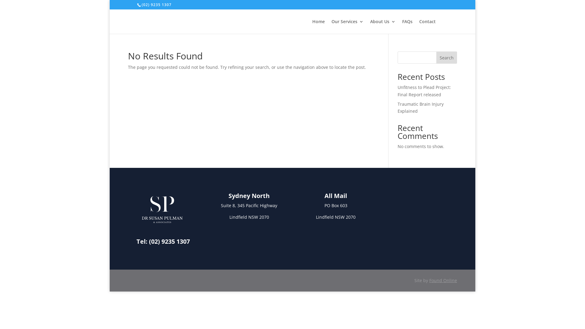 Image resolution: width=585 pixels, height=329 pixels. What do you see at coordinates (398, 91) in the screenshot?
I see `'Unfitness to Plead Project: Final Report released'` at bounding box center [398, 91].